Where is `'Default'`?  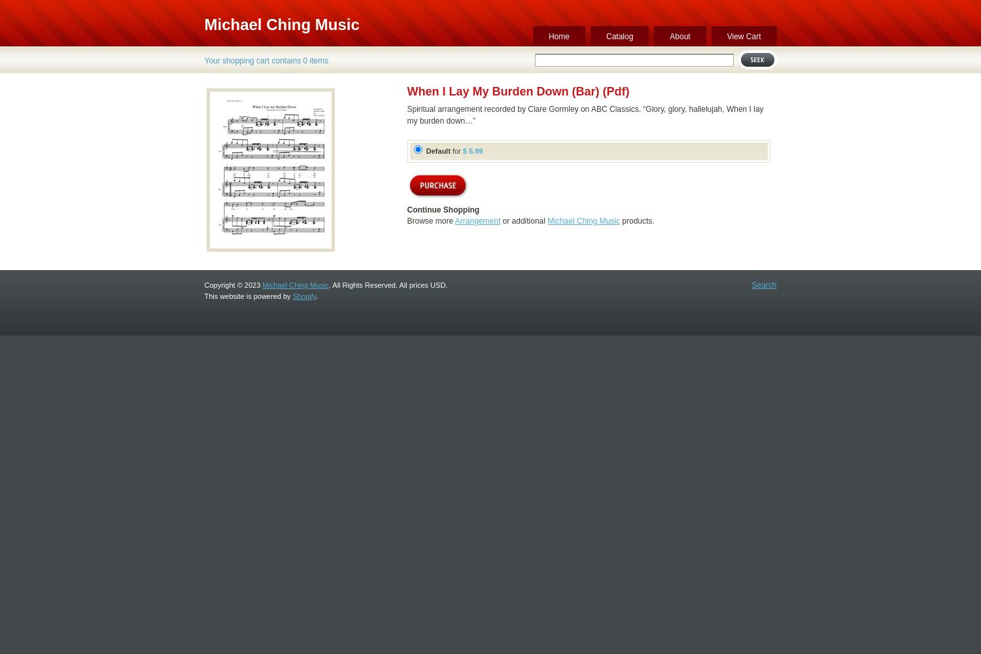
'Default' is located at coordinates (438, 150).